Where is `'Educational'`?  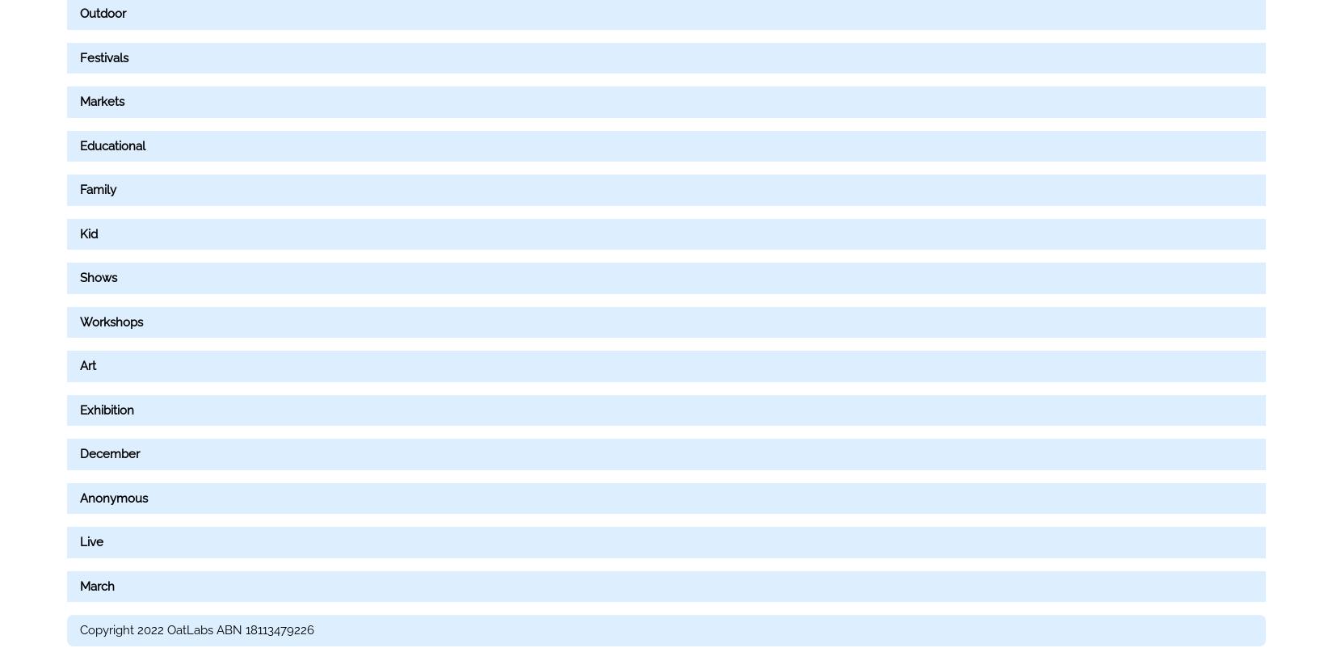 'Educational' is located at coordinates (112, 145).